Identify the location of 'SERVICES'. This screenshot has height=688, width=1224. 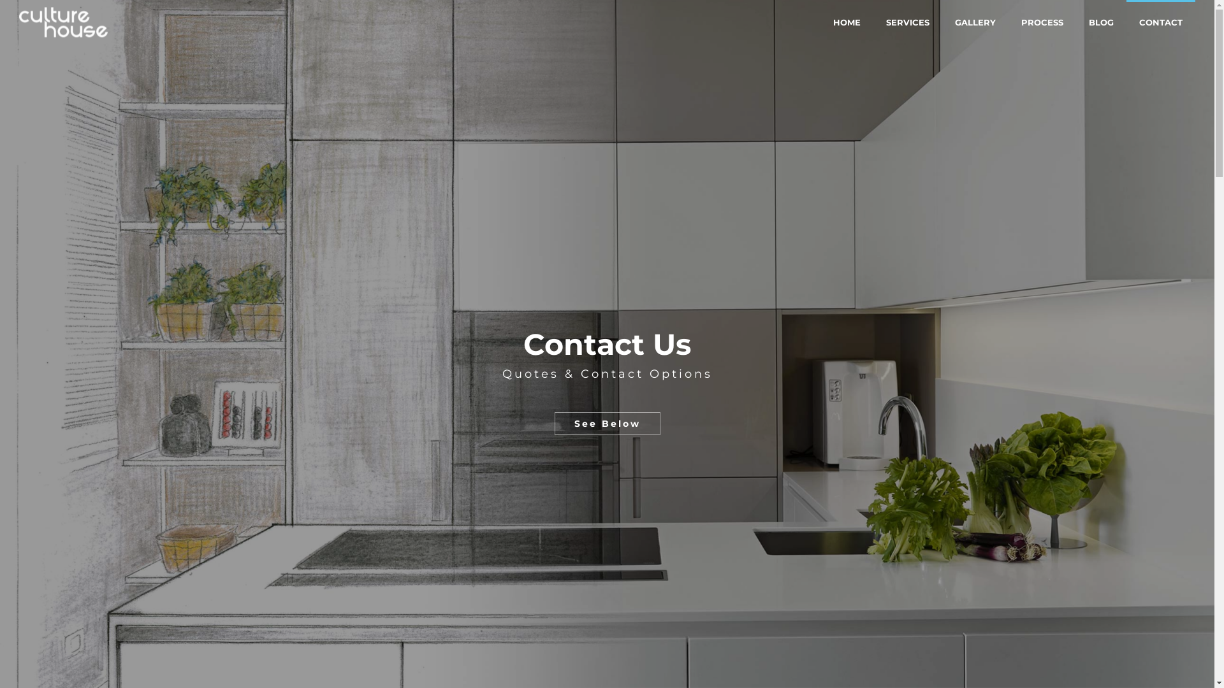
(872, 22).